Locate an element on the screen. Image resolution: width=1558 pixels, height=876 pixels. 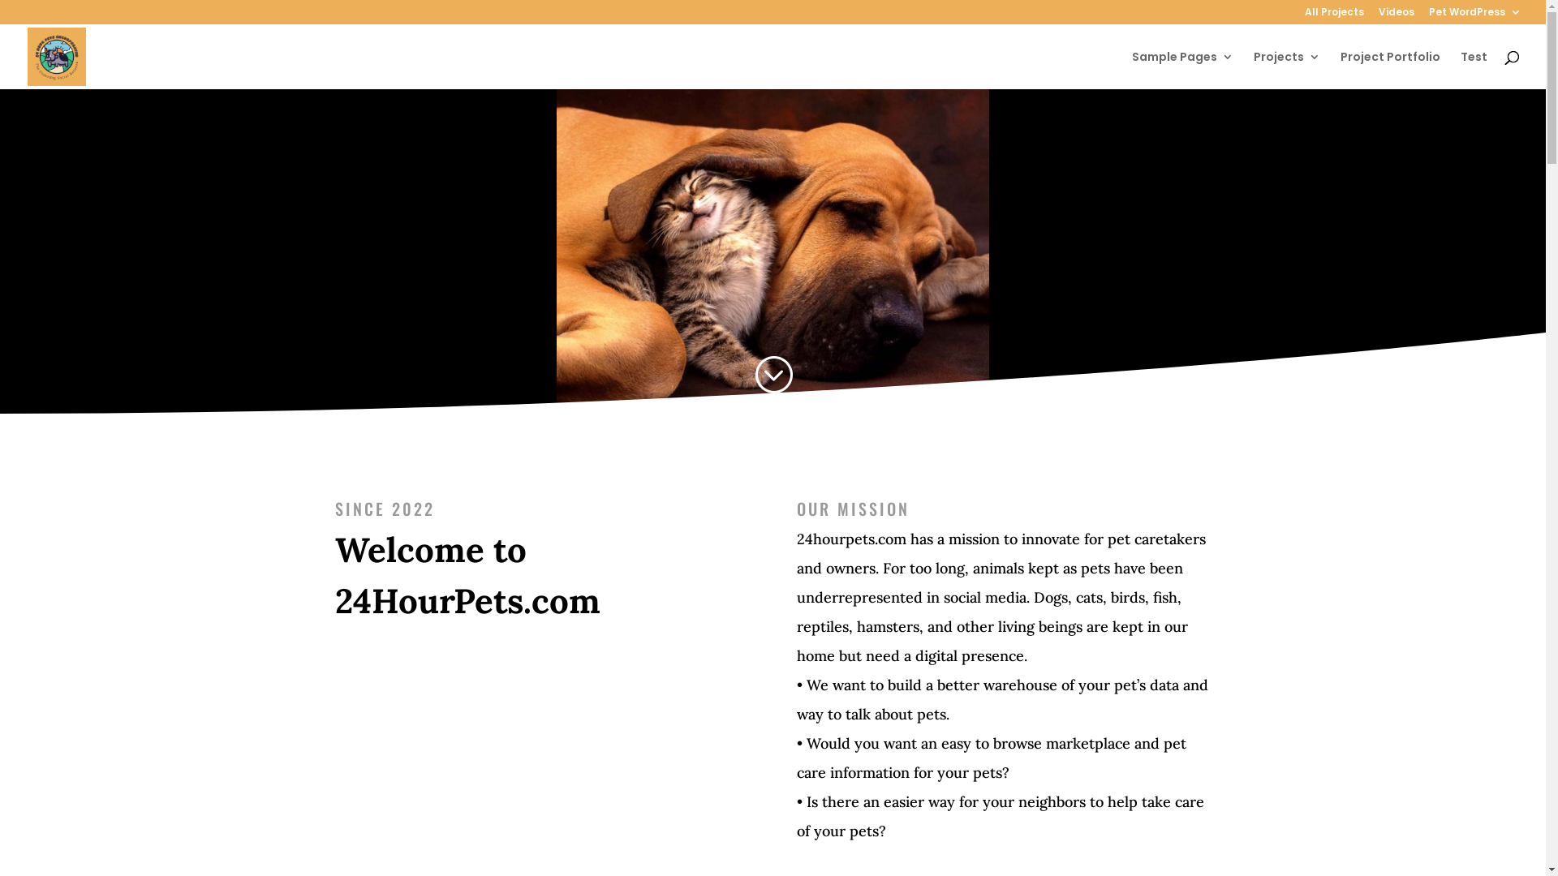
'Test' is located at coordinates (1474, 69).